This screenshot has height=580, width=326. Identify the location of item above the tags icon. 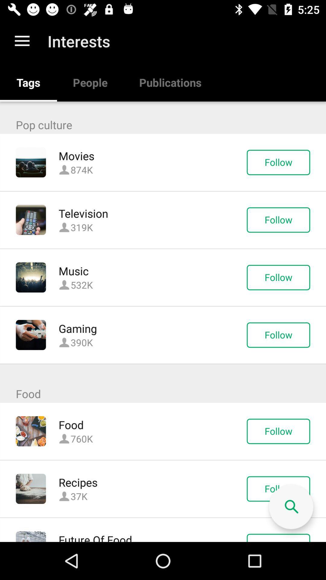
(22, 41).